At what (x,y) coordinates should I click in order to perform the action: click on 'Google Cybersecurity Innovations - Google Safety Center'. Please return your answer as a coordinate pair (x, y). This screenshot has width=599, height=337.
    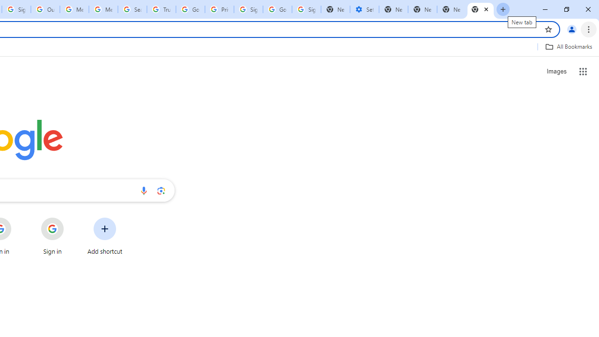
    Looking at the image, I should click on (277, 9).